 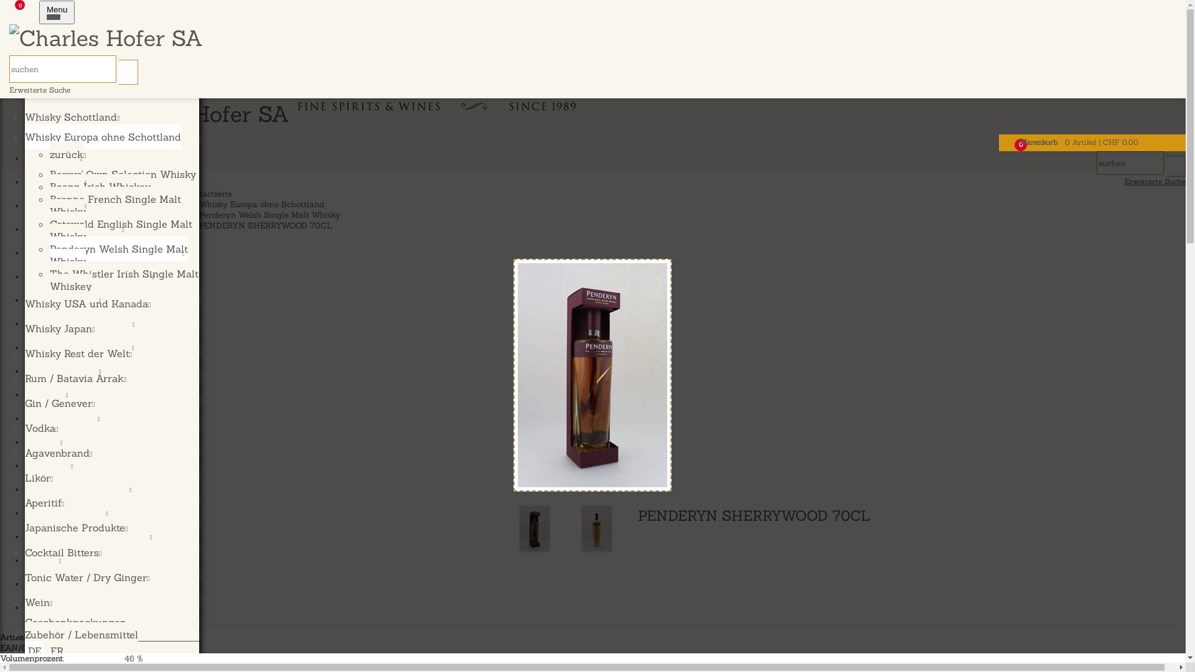 What do you see at coordinates (77, 353) in the screenshot?
I see `'Whisky Rest der Welt'` at bounding box center [77, 353].